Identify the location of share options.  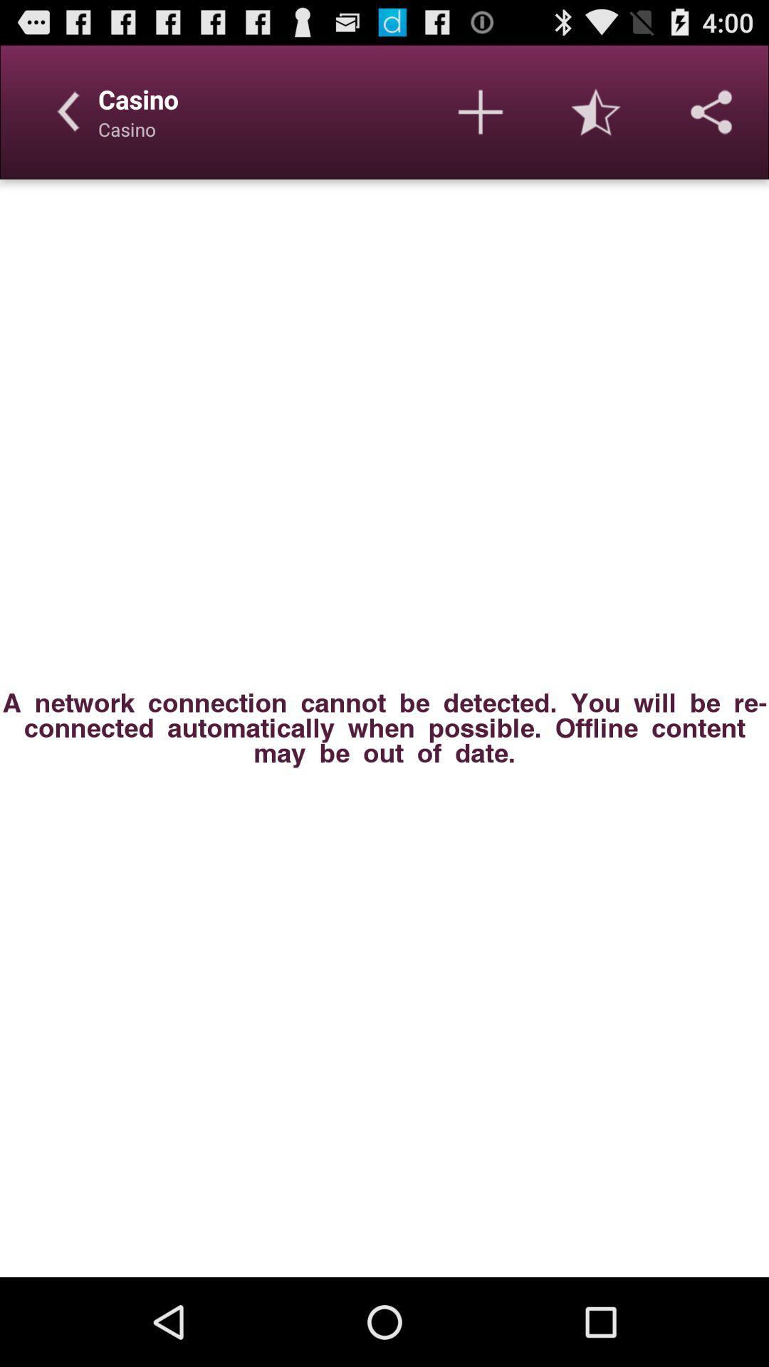
(711, 111).